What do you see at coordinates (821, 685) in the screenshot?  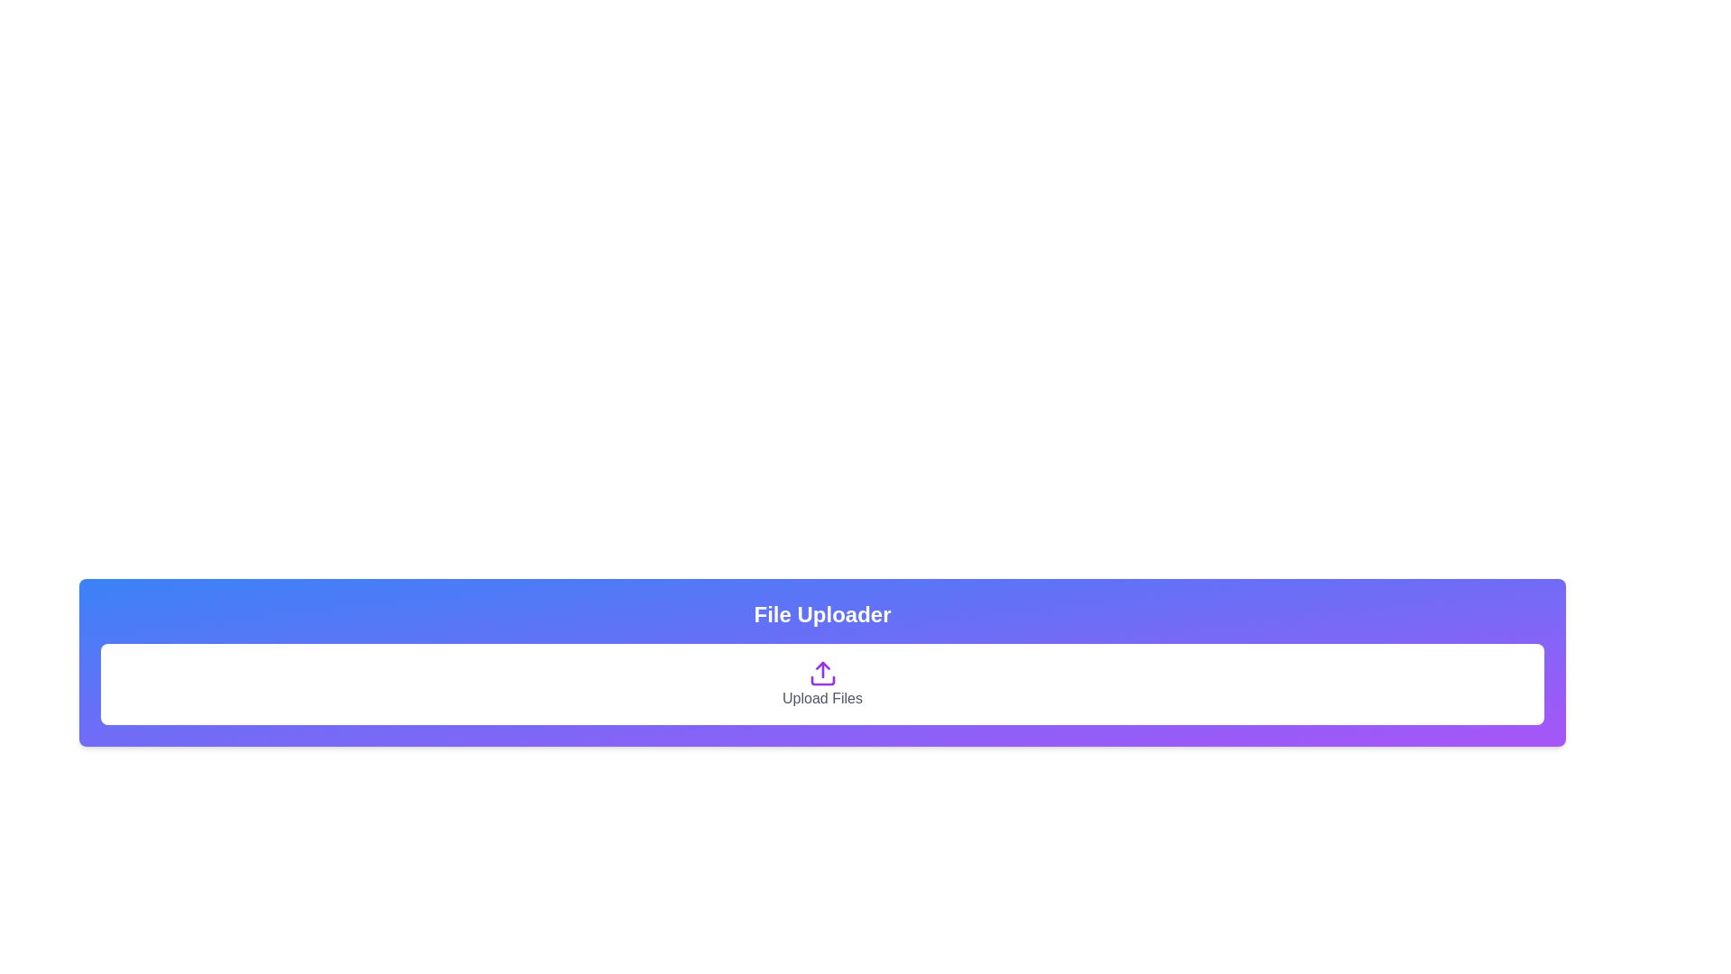 I see `the centered square-shaped clickable area for file upload, which has a dashed border and includes a purple upload icon with the text 'Upload Files' below it` at bounding box center [821, 685].